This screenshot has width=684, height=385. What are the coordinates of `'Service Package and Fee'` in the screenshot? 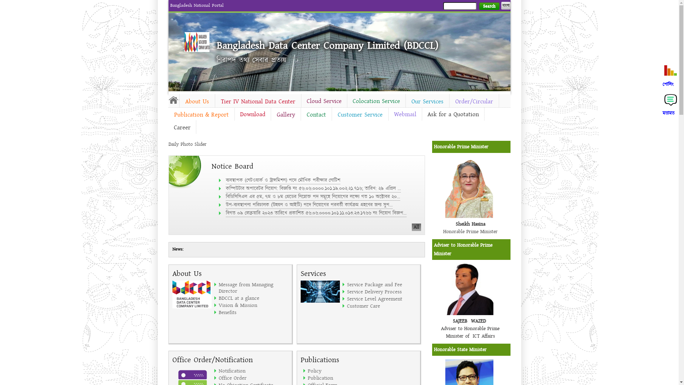 It's located at (347, 284).